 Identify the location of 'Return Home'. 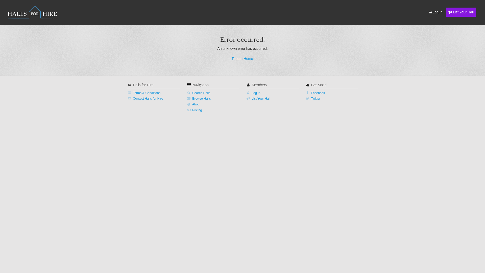
(242, 58).